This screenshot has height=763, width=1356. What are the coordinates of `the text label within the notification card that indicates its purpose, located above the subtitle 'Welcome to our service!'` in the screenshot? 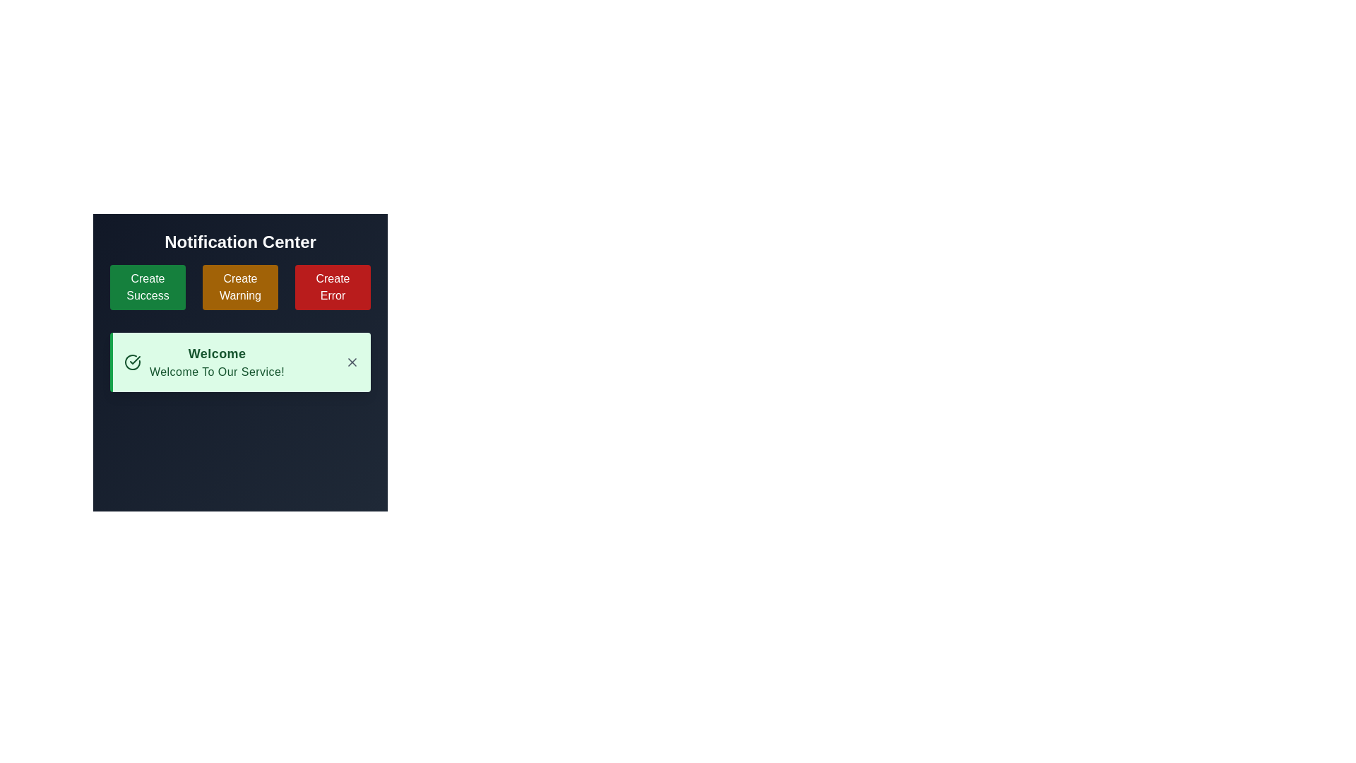 It's located at (216, 353).